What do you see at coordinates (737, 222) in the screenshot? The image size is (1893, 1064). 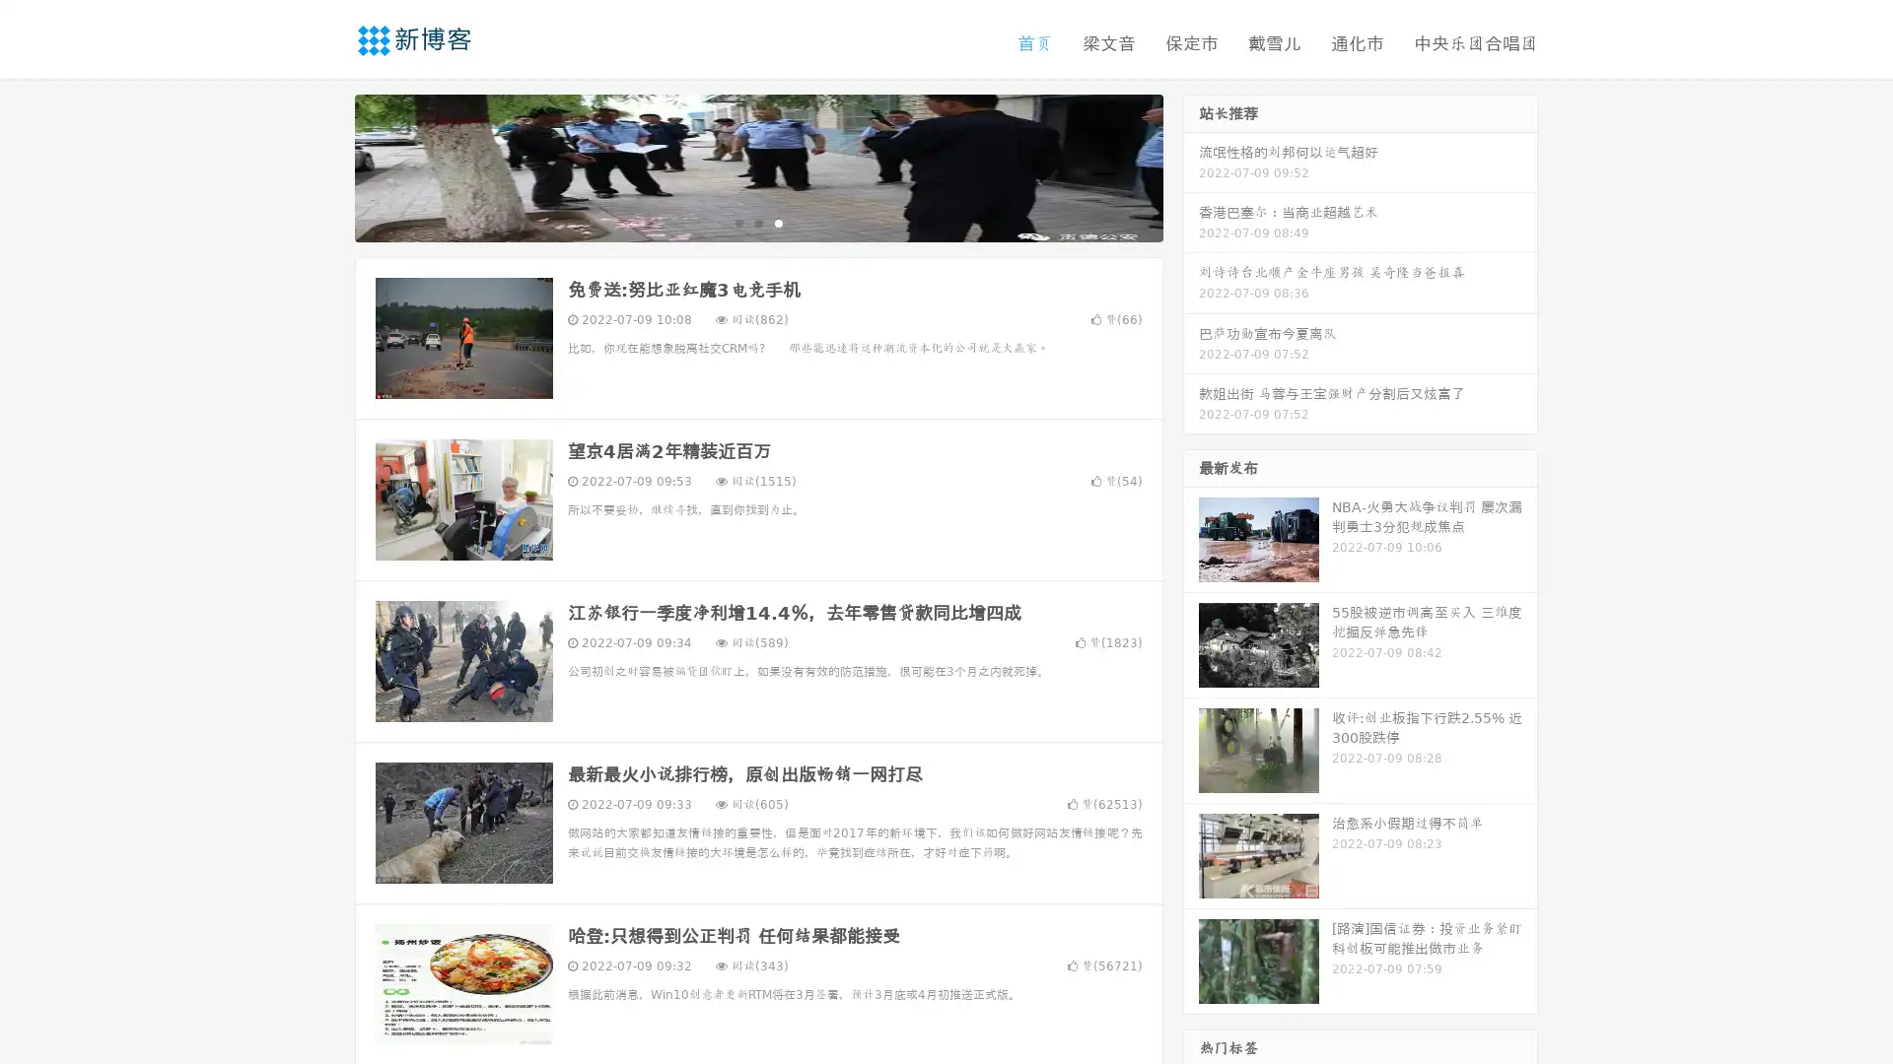 I see `Go to slide 1` at bounding box center [737, 222].